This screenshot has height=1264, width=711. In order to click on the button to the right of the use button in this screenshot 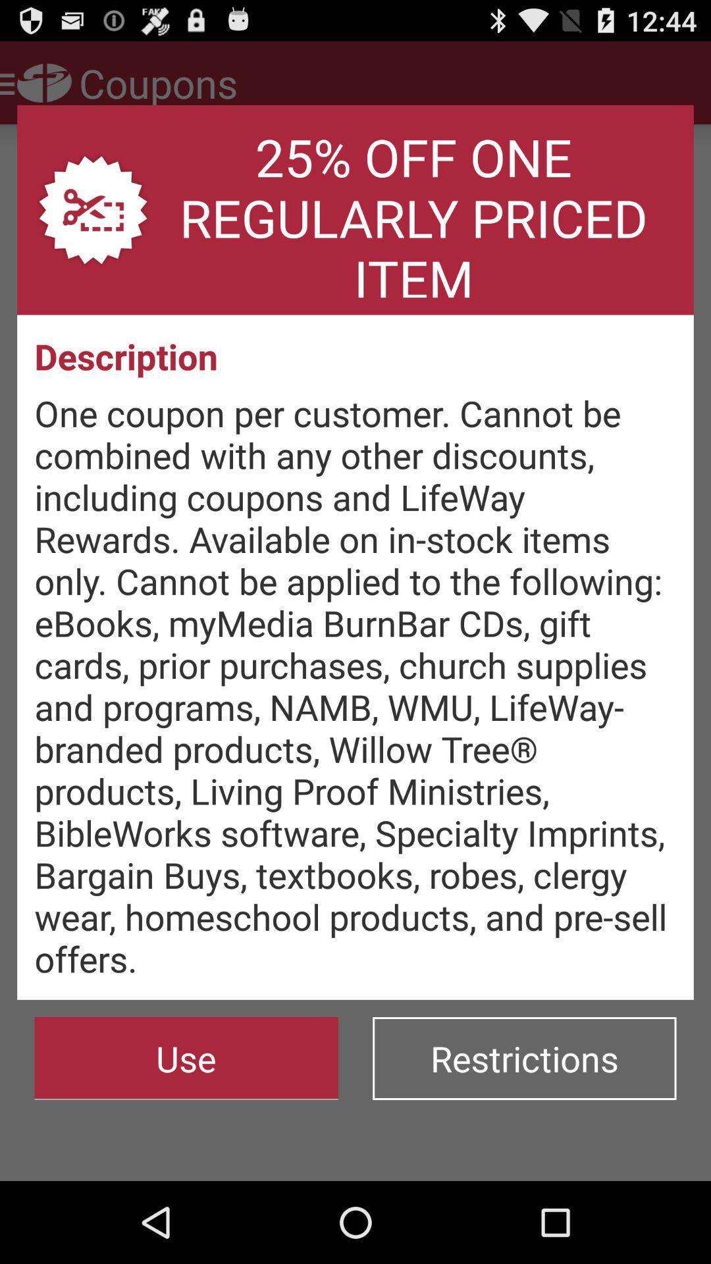, I will do `click(523, 1059)`.